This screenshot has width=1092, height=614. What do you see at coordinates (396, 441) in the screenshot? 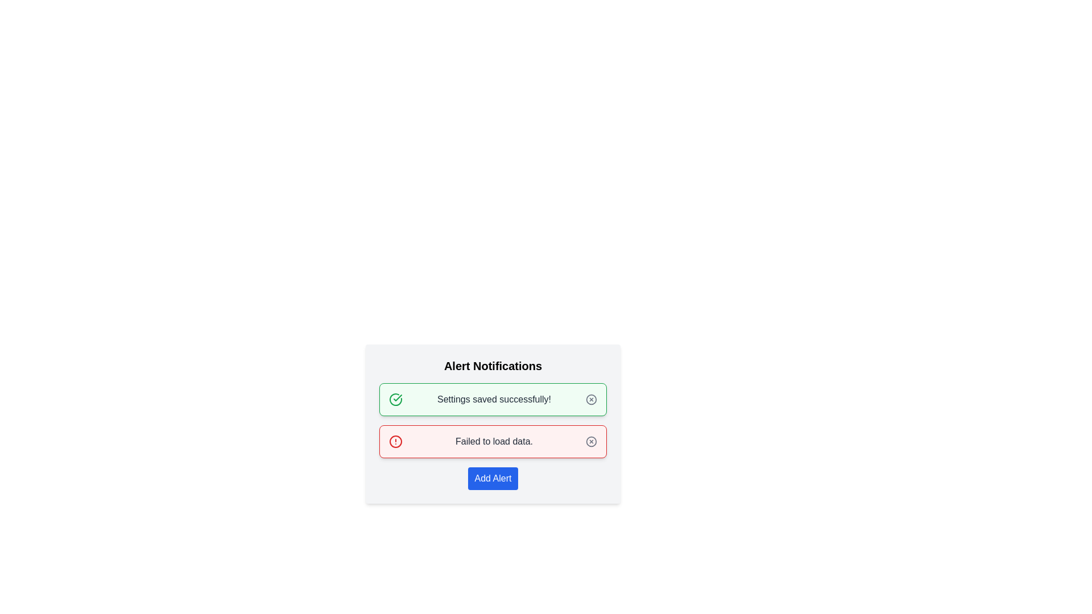
I see `the alert icon located within the second notification card under the 'Alert Notifications' block, which has a red border and background and is positioned to the left of the text 'Failed to load data.'` at bounding box center [396, 441].